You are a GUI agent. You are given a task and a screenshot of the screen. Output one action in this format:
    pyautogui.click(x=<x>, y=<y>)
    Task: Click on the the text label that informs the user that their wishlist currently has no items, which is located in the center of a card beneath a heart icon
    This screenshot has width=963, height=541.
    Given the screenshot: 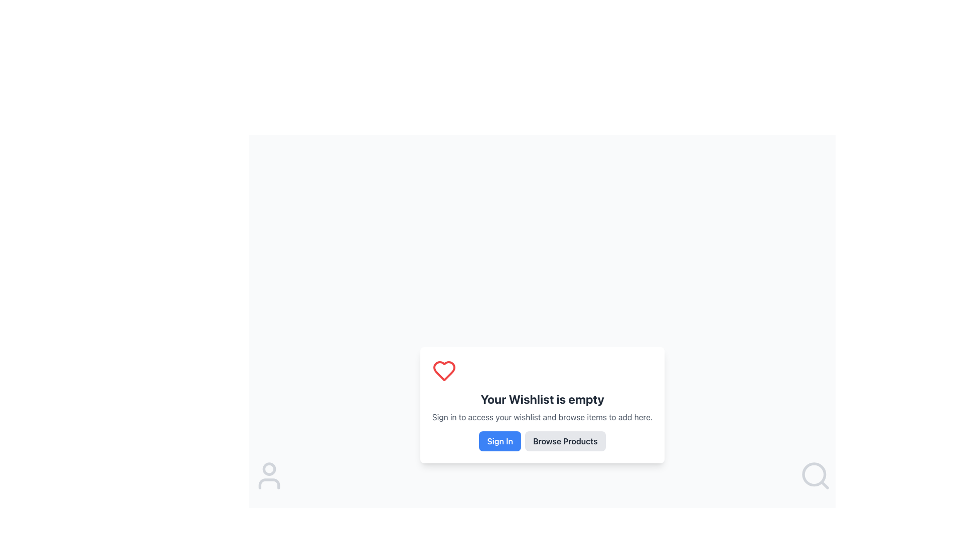 What is the action you would take?
    pyautogui.click(x=542, y=399)
    